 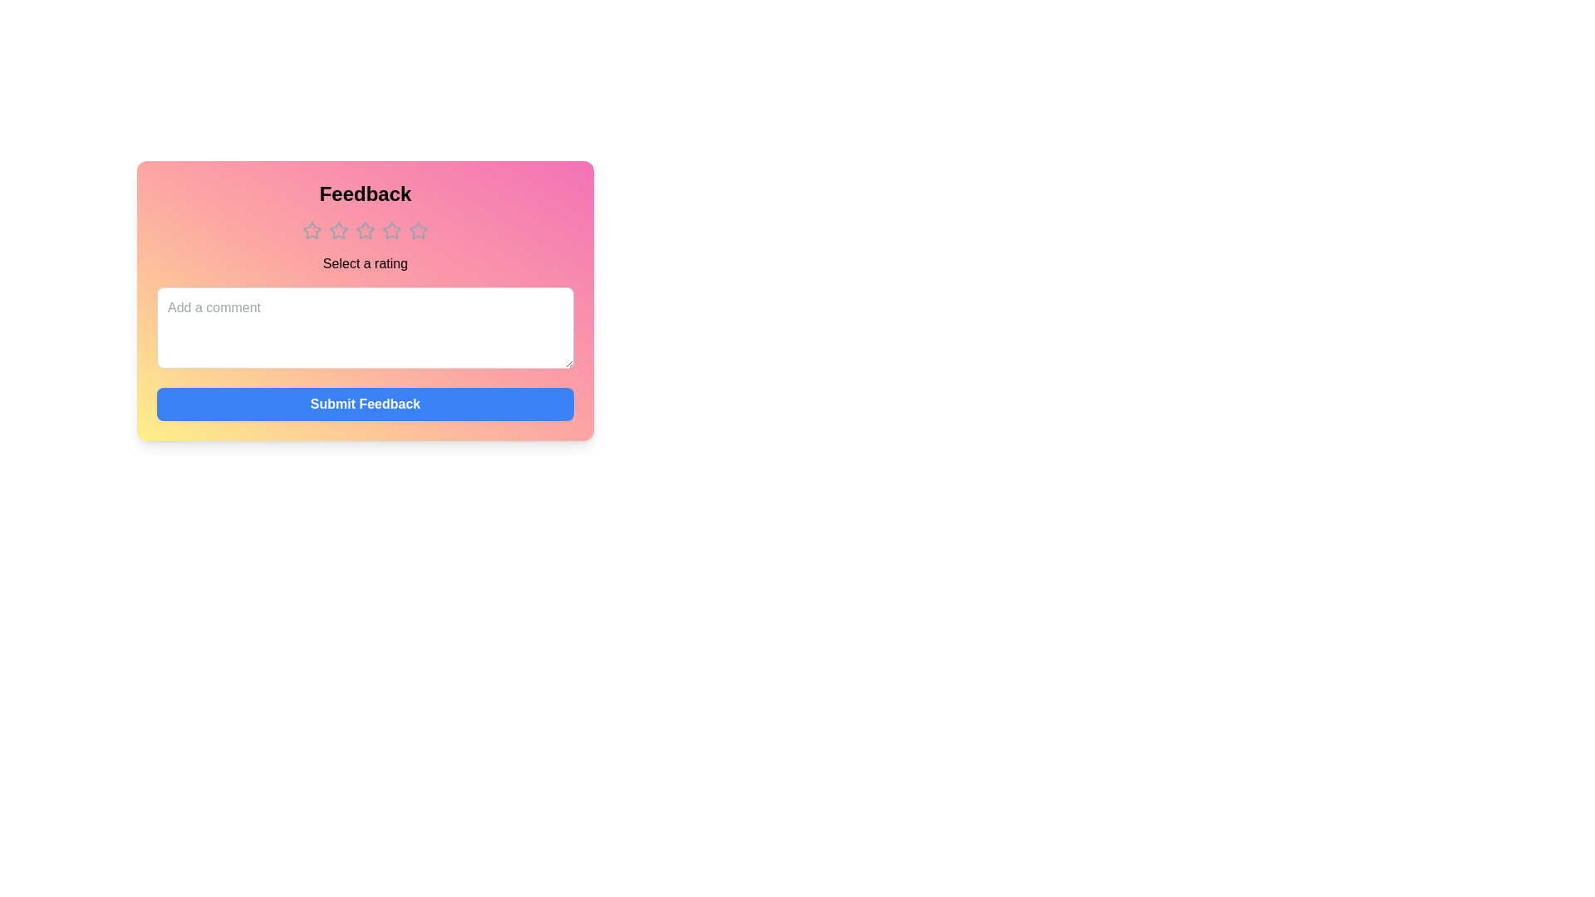 I want to click on the star corresponding to 1 to see its description, so click(x=312, y=230).